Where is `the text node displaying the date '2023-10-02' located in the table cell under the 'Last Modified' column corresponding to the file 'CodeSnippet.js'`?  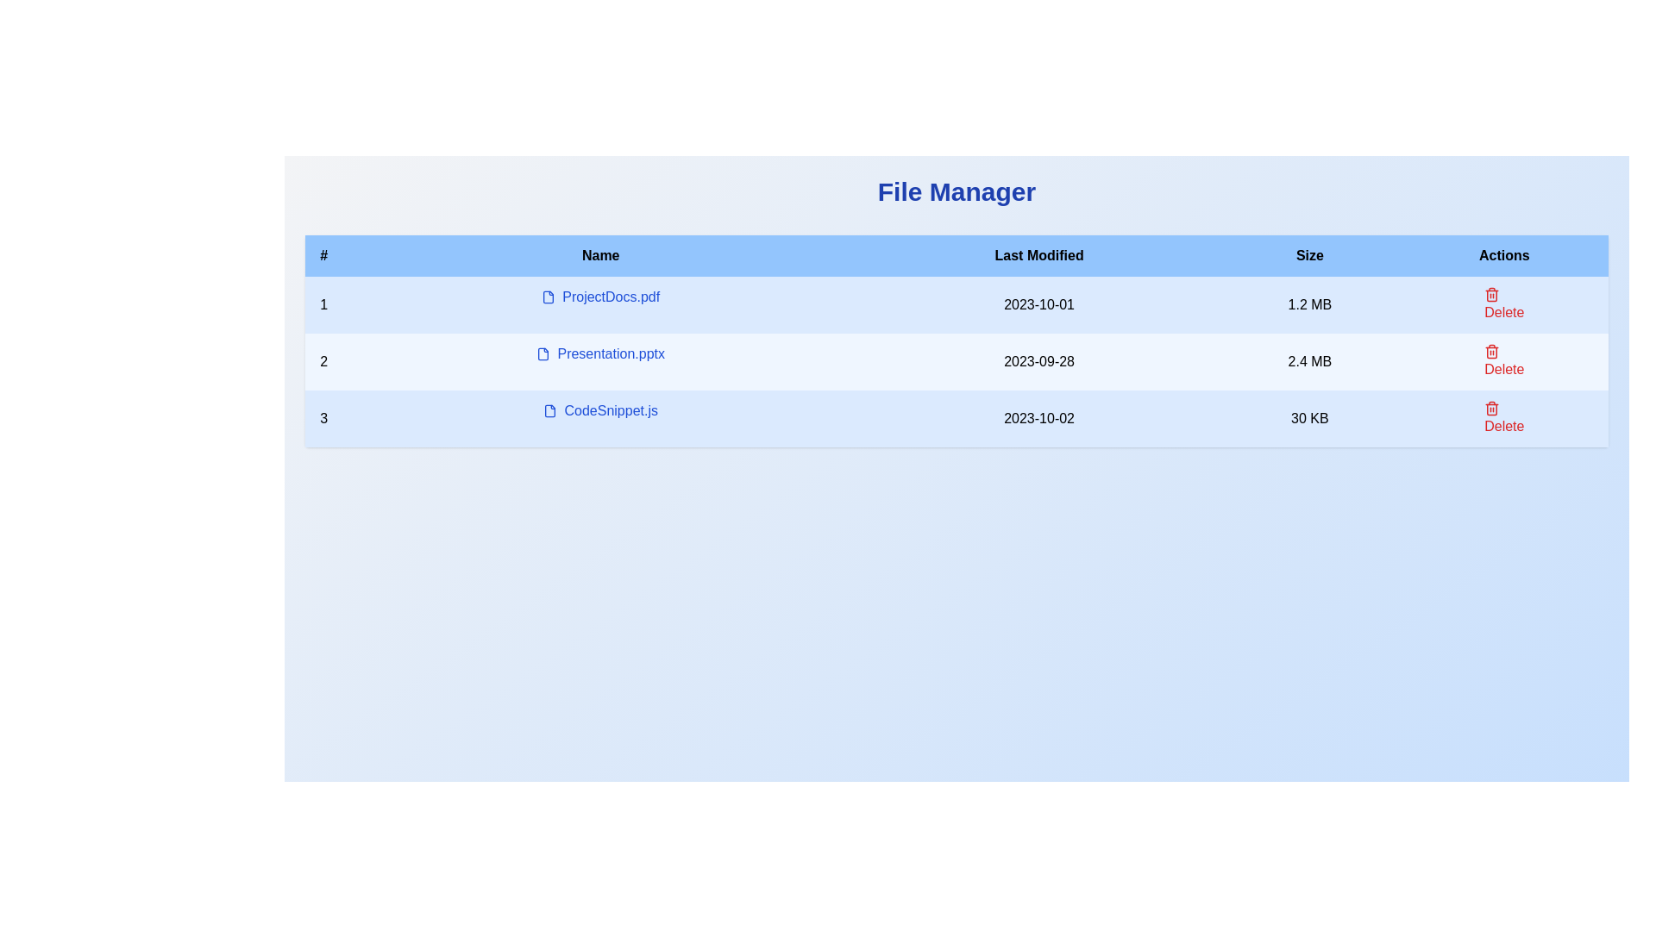 the text node displaying the date '2023-10-02' located in the table cell under the 'Last Modified' column corresponding to the file 'CodeSnippet.js' is located at coordinates (1038, 419).